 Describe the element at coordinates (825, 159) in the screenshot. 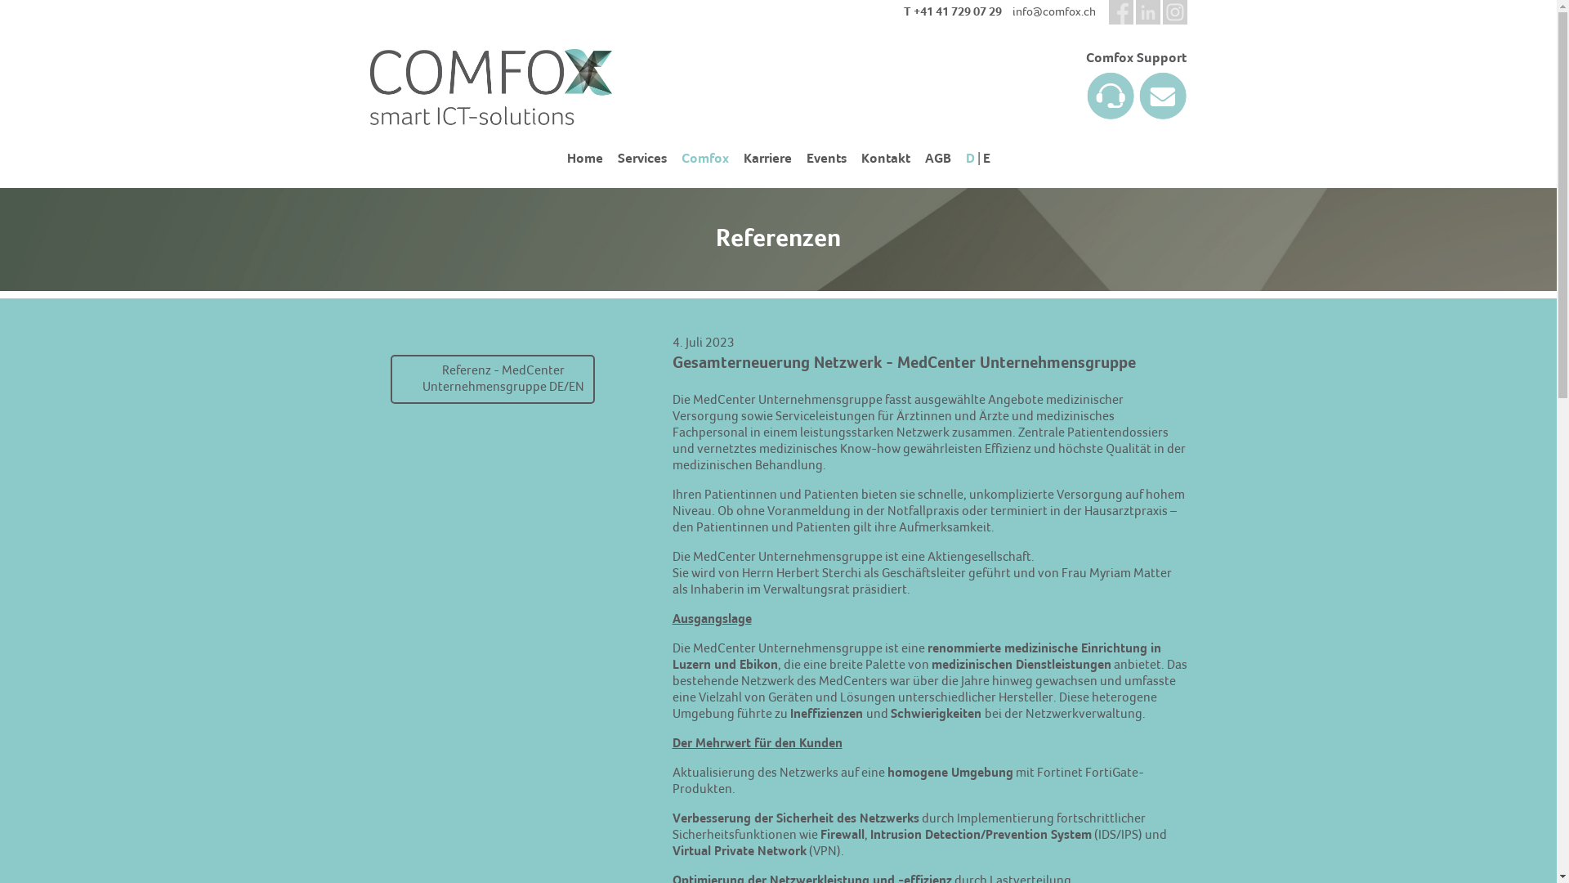

I see `'Events'` at that location.